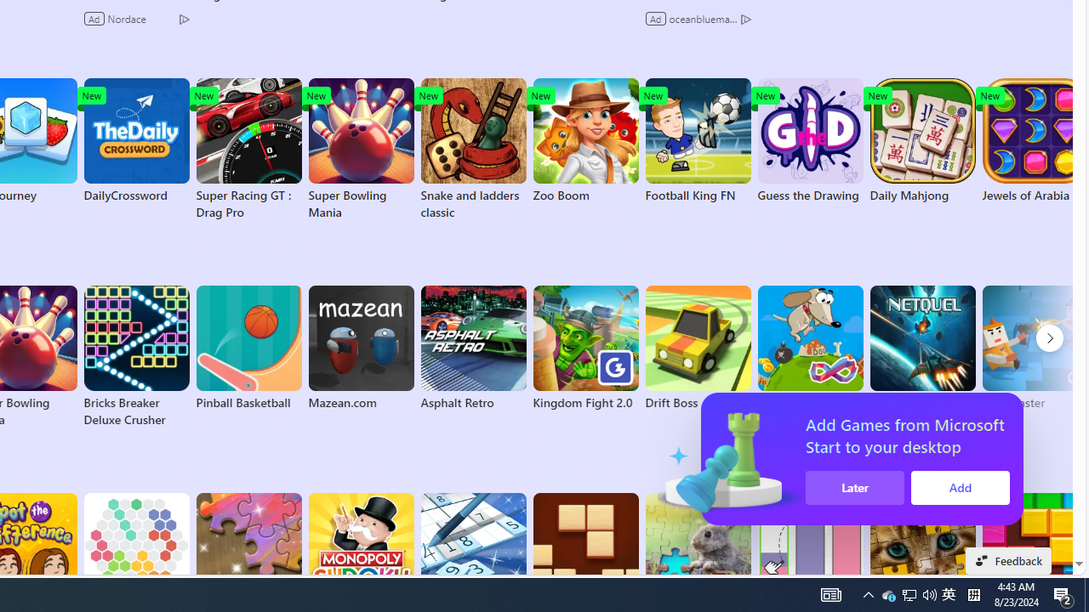  I want to click on 'Class: ad-choice  ad-choice-mono ', so click(745, 18).